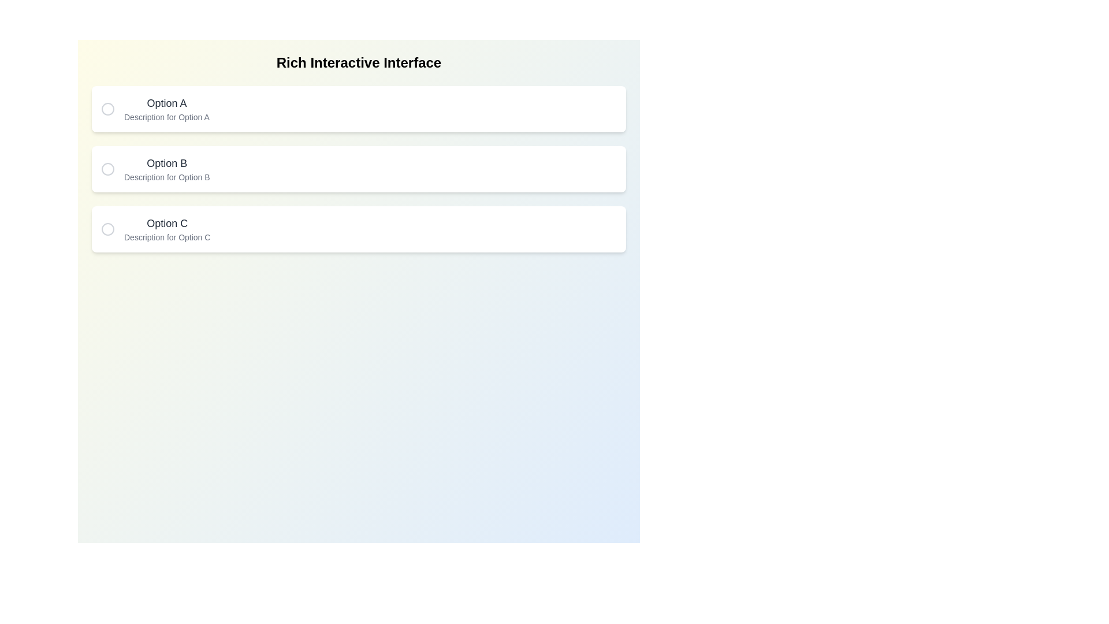 This screenshot has width=1109, height=624. I want to click on circle button corresponding to Option C to toggle its selection, so click(108, 229).